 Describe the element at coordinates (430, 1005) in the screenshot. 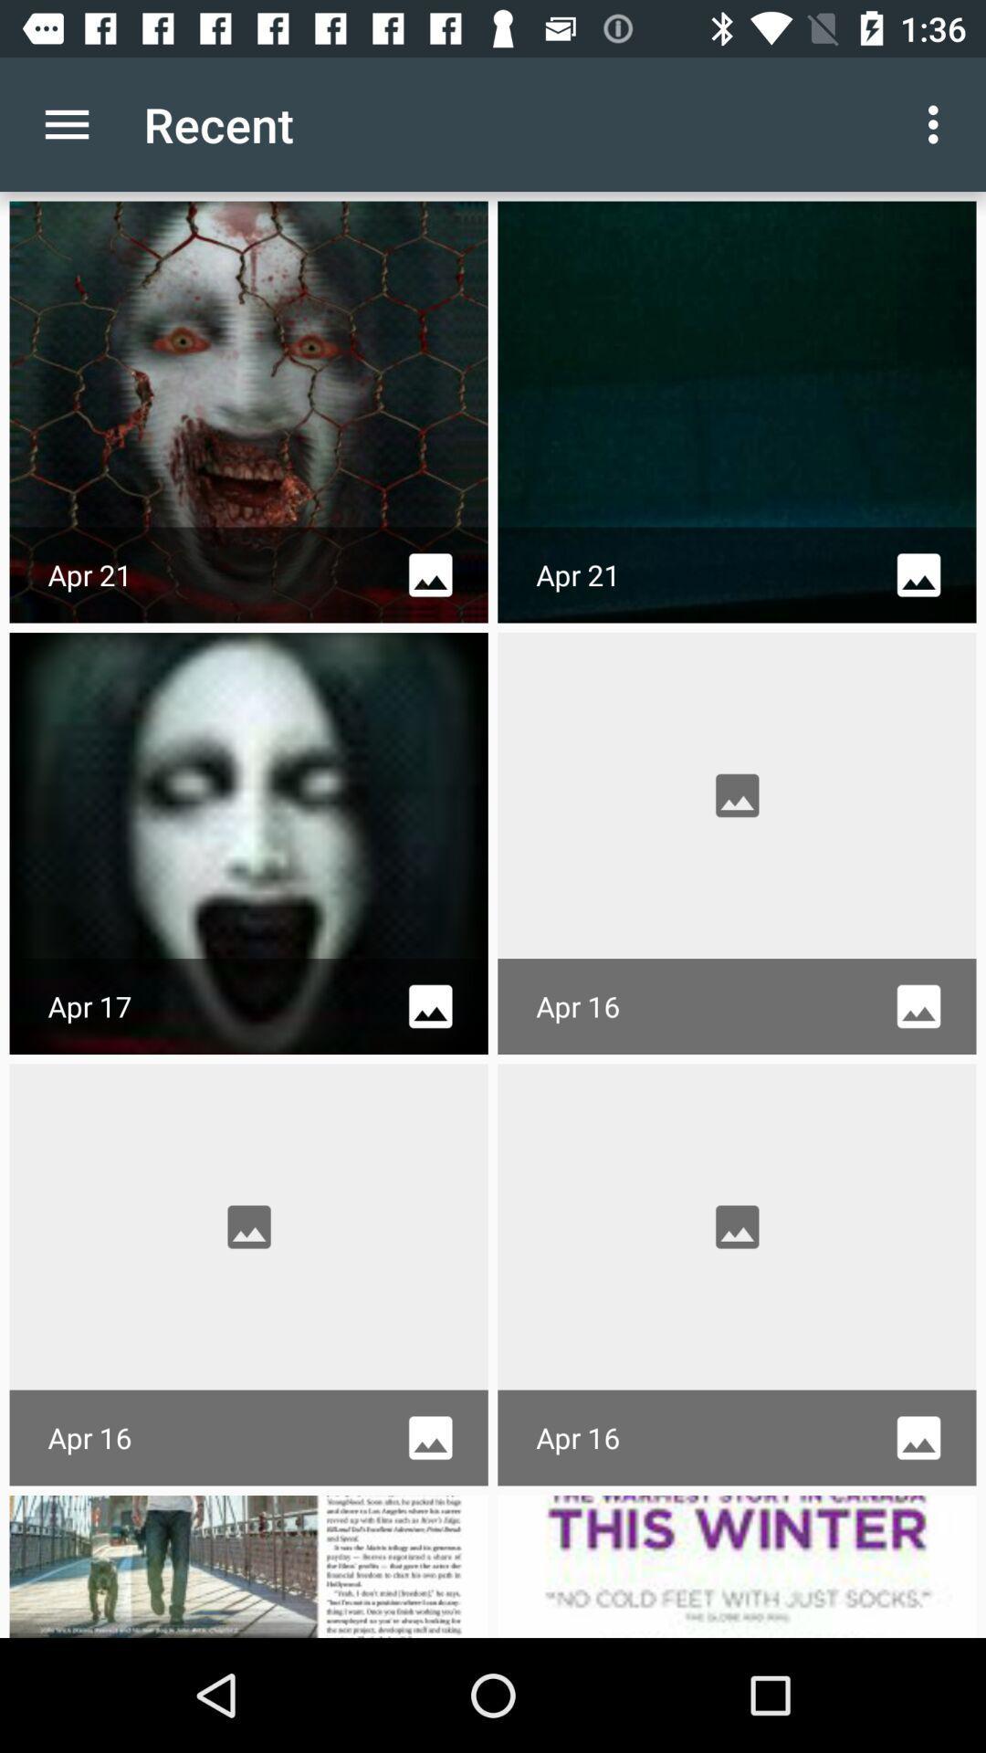

I see `the image icon of apr 17` at that location.